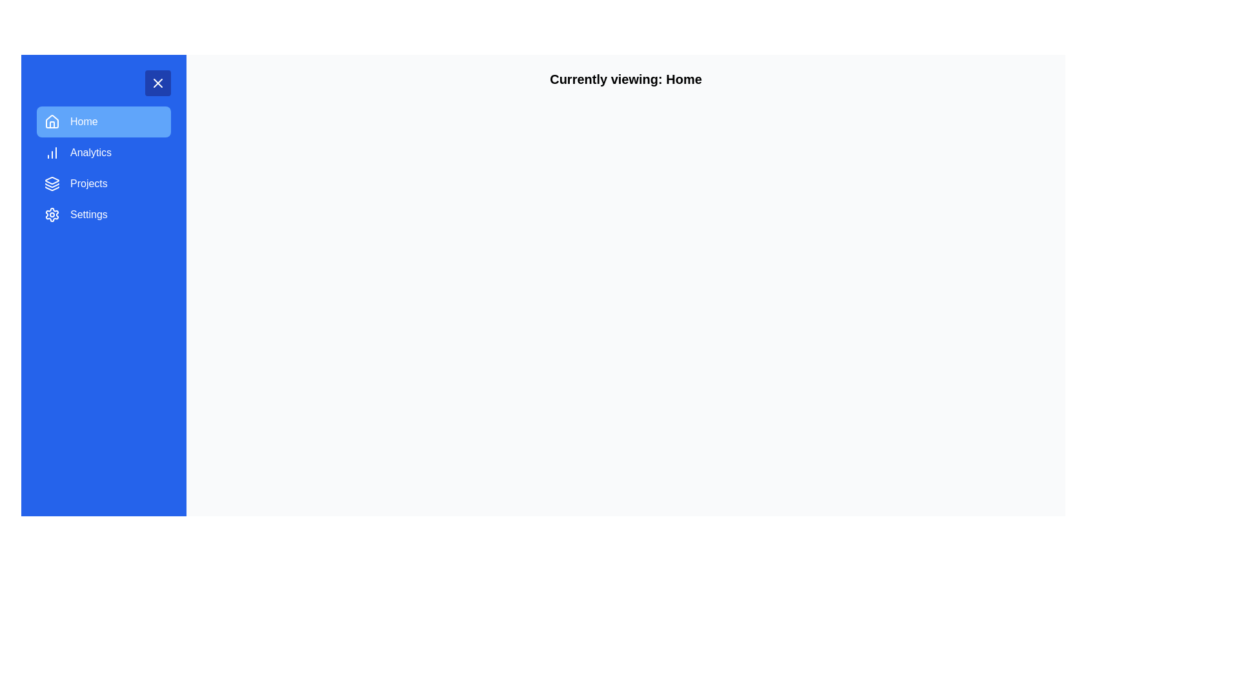 This screenshot has height=697, width=1239. I want to click on the 'Settings' icon located in the left sidebar under the 'Settings' label, positioned below the 'Projects' option, so click(52, 214).